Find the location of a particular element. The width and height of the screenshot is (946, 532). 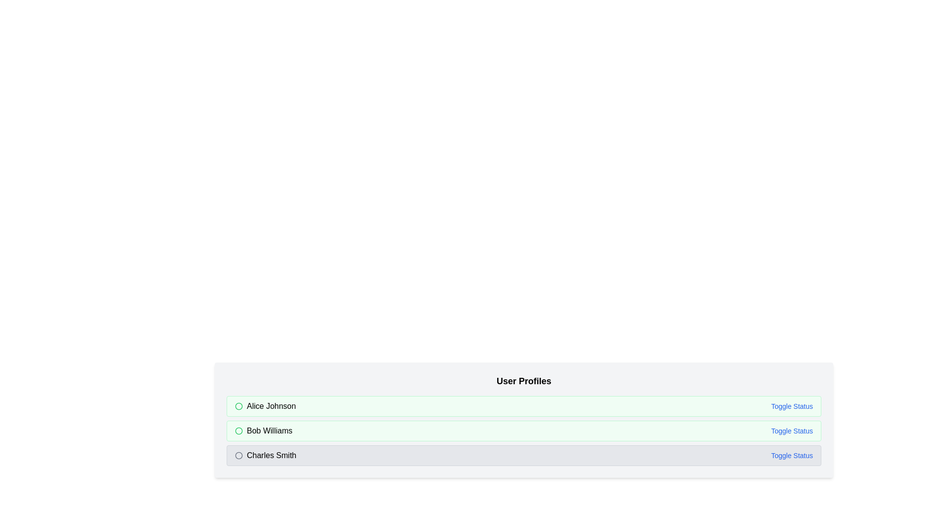

the circular status indicator icon with a green outline and transparent fill, located at the start of the row containing 'Bob Williams', to check its status indication is located at coordinates (238, 431).